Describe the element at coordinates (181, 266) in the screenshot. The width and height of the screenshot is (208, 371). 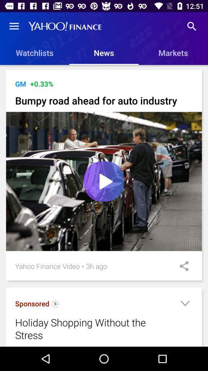
I see `the item to the right of 3h ago icon` at that location.